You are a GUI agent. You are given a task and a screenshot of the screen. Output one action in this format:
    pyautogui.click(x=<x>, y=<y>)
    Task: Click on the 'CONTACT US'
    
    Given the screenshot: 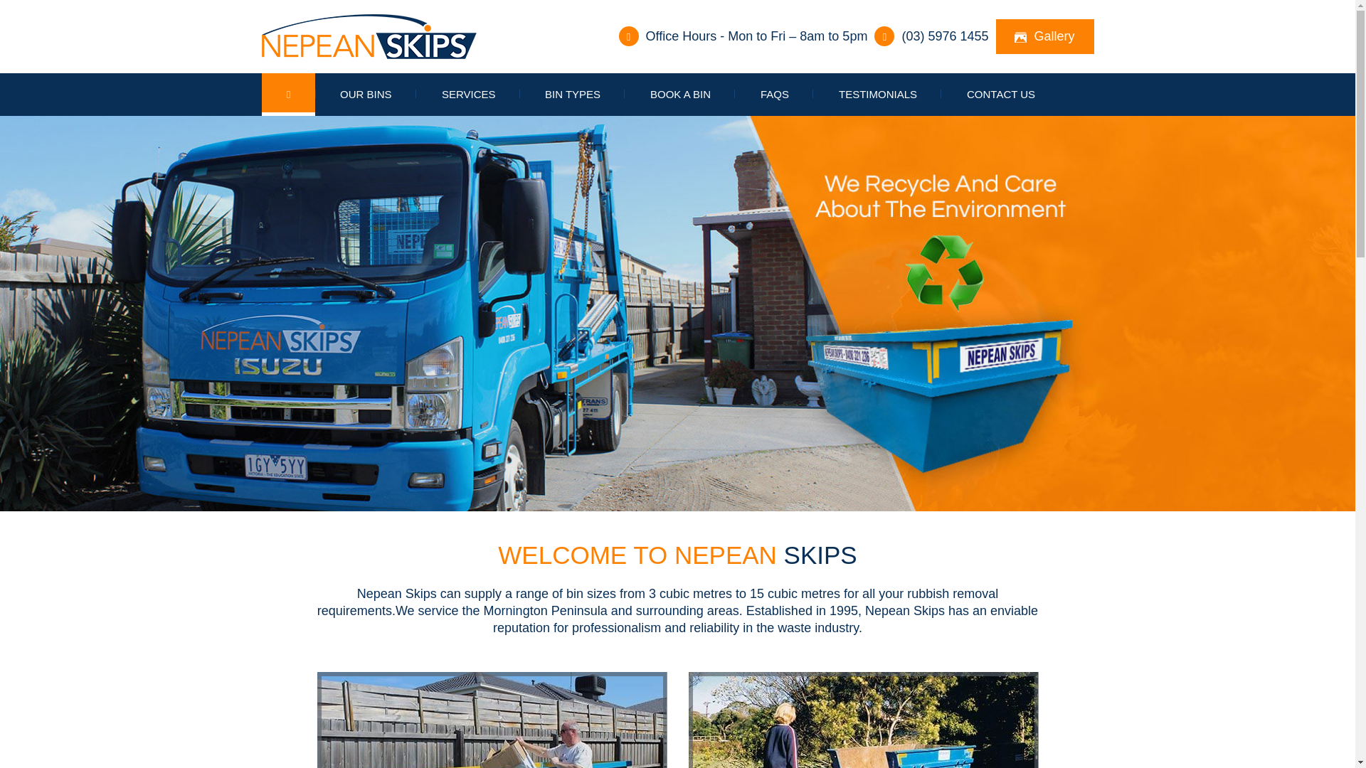 What is the action you would take?
    pyautogui.click(x=1000, y=94)
    